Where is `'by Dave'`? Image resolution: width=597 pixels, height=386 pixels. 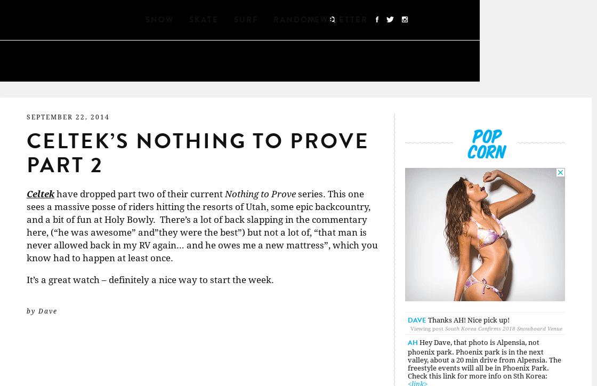 'by Dave' is located at coordinates (42, 311).